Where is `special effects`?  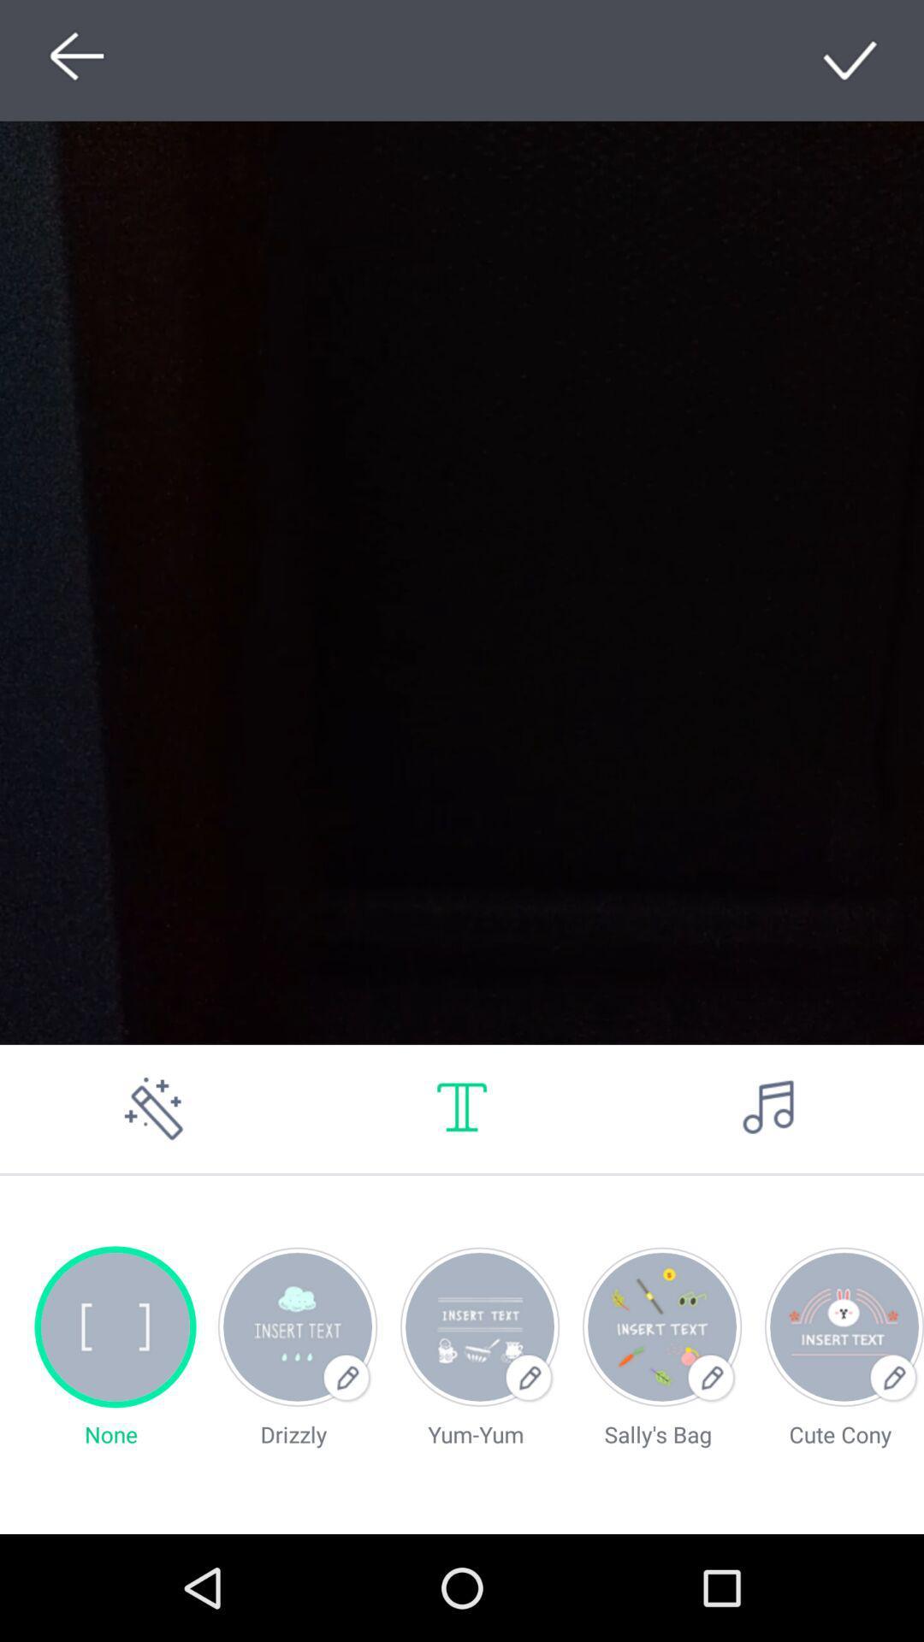
special effects is located at coordinates (154, 1108).